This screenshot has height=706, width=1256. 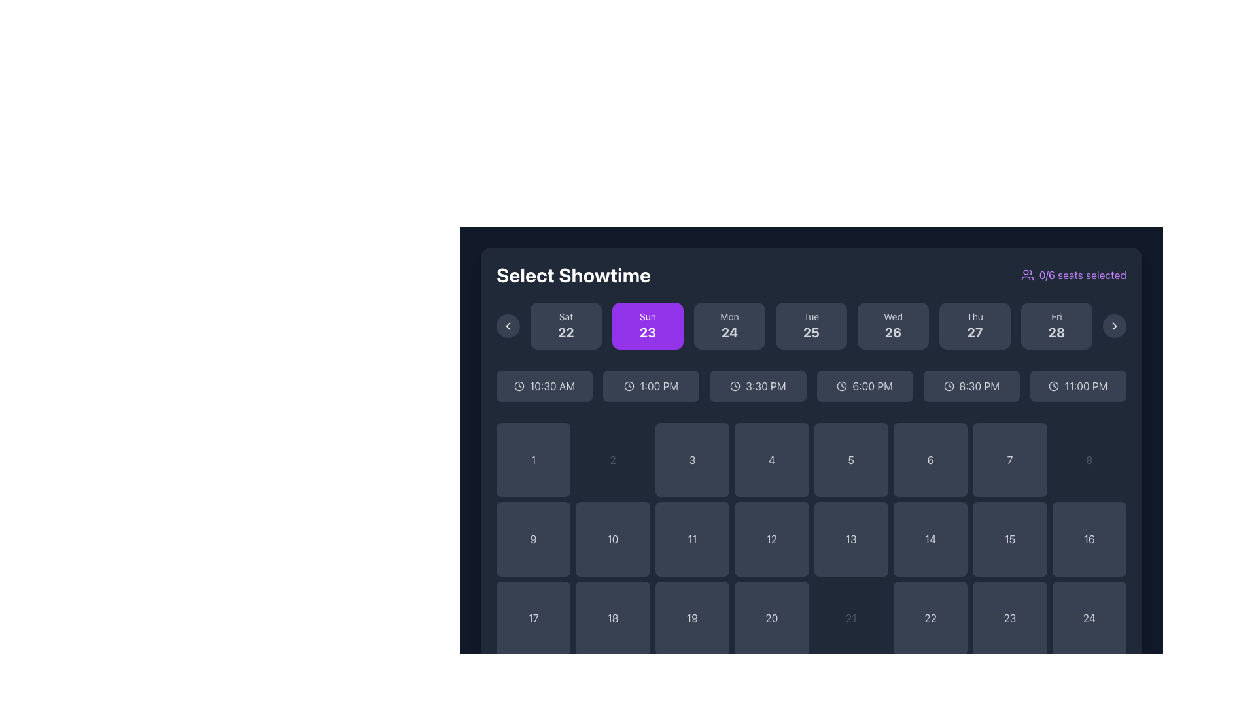 What do you see at coordinates (930, 539) in the screenshot?
I see `the button located in row 2, column 6 of the grid layout` at bounding box center [930, 539].